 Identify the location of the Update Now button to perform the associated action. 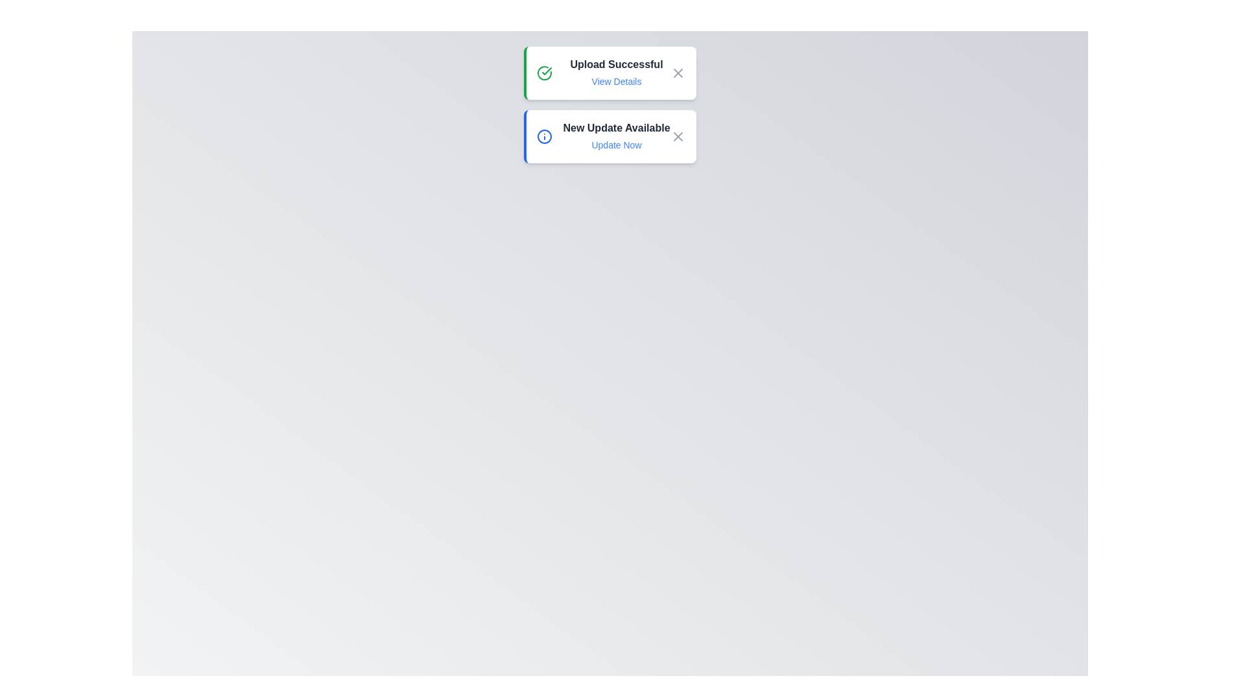
(615, 145).